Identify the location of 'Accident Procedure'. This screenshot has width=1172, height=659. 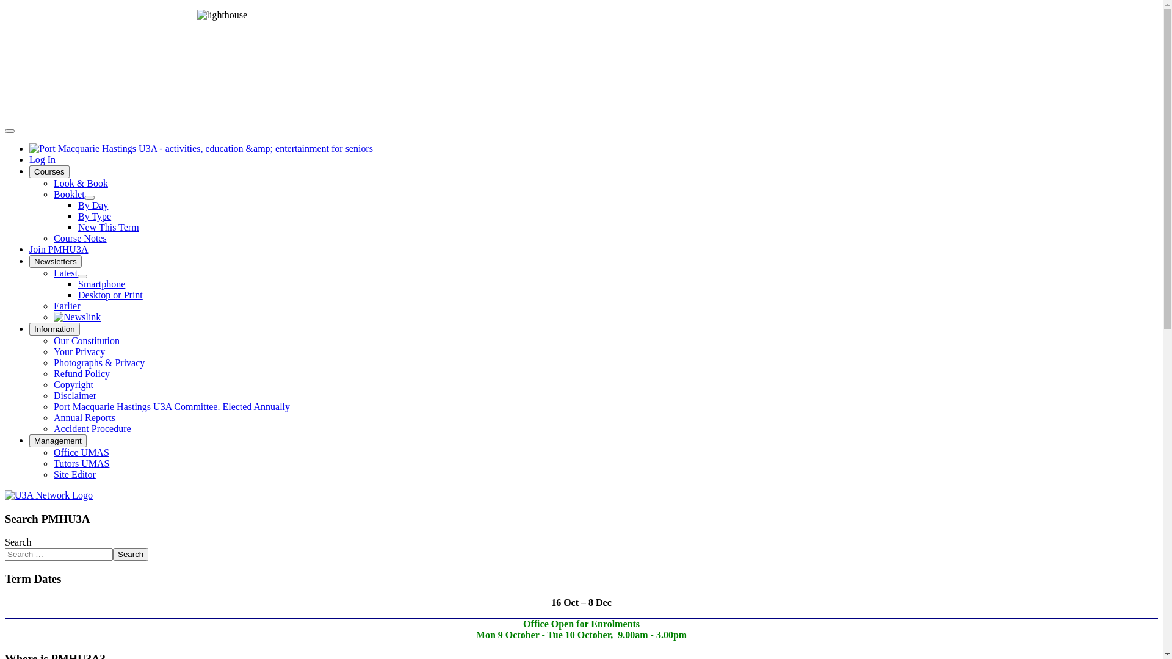
(92, 428).